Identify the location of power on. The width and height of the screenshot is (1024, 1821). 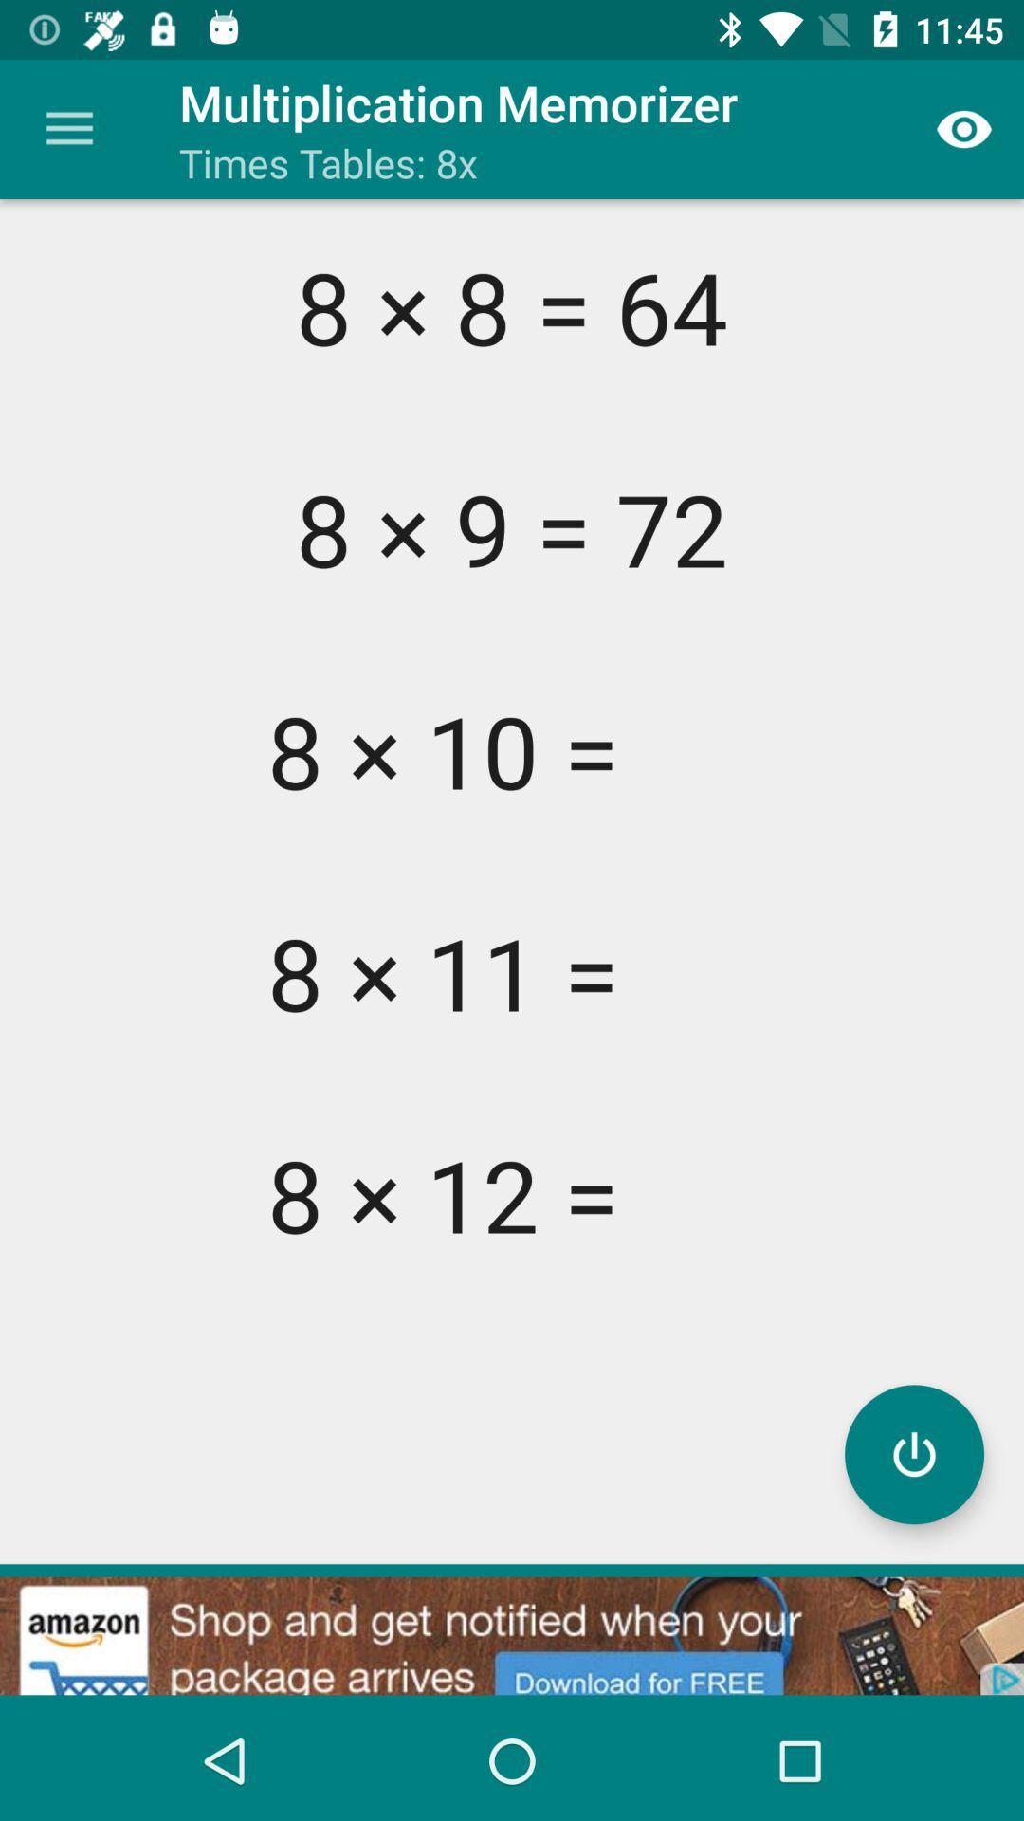
(913, 1453).